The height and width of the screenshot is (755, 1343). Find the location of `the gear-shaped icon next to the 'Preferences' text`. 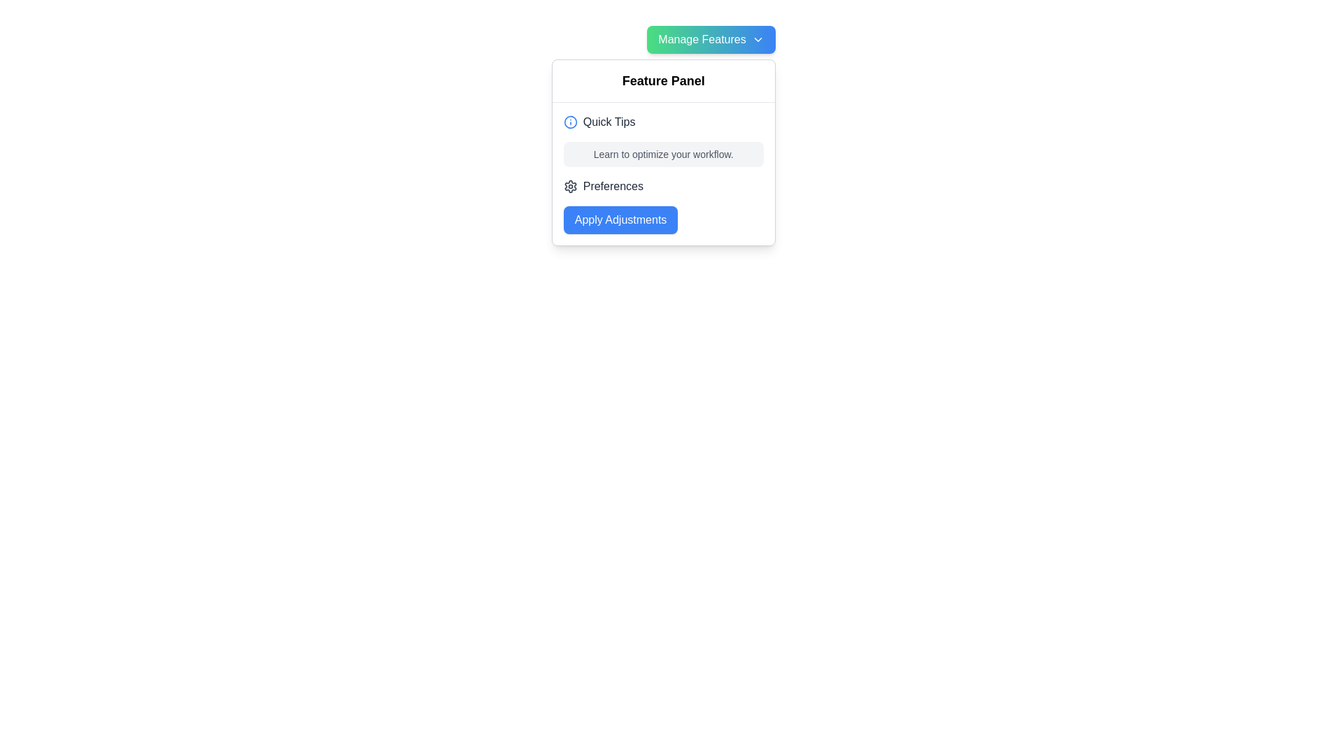

the gear-shaped icon next to the 'Preferences' text is located at coordinates (570, 185).